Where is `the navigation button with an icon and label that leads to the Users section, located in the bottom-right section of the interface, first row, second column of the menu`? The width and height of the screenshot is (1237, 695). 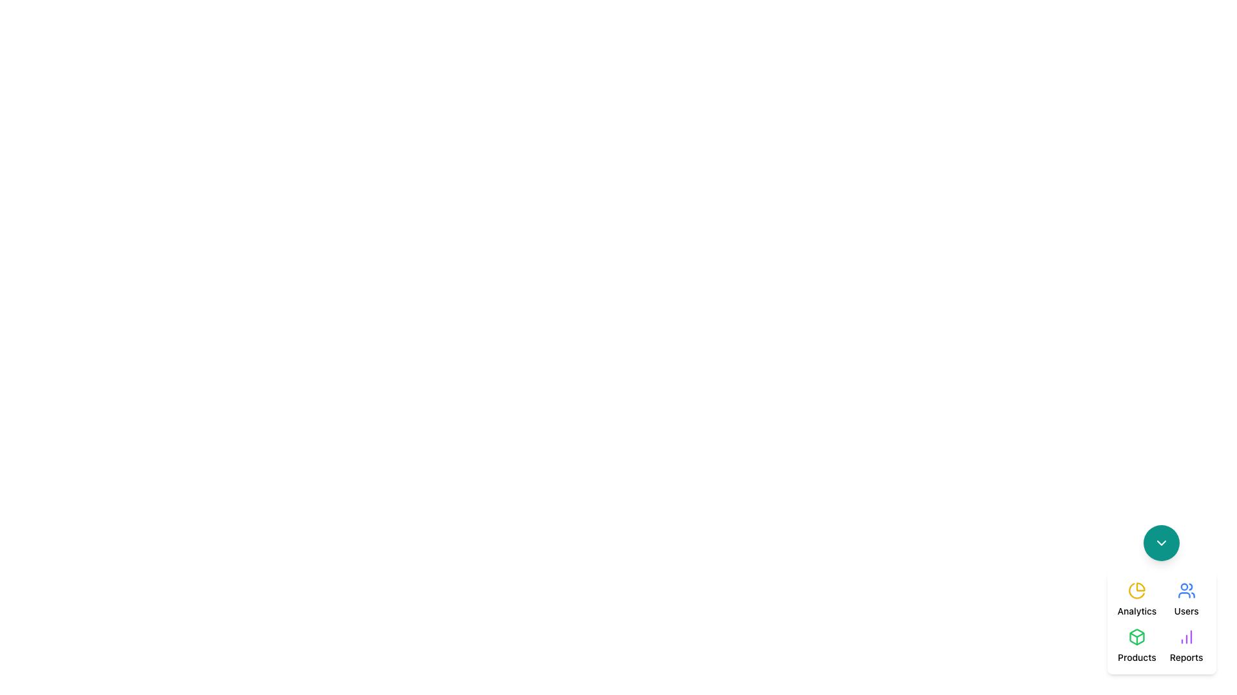 the navigation button with an icon and label that leads to the Users section, located in the bottom-right section of the interface, first row, second column of the menu is located at coordinates (1185, 600).